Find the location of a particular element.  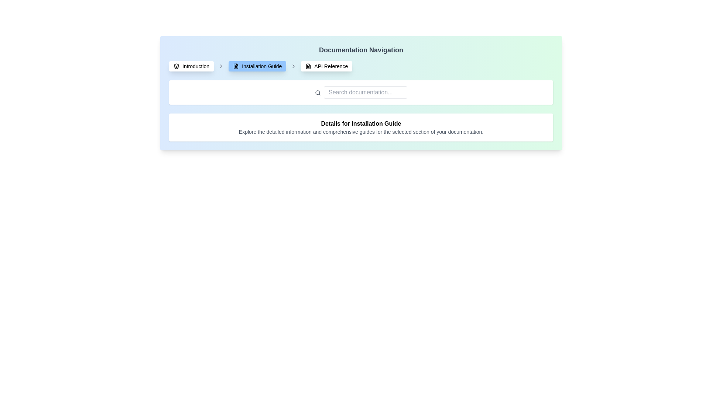

the 'Installation Guide' navigation button located in the horizontal navigation bar, positioned between the 'Introduction' and 'API Reference' buttons is located at coordinates (257, 66).